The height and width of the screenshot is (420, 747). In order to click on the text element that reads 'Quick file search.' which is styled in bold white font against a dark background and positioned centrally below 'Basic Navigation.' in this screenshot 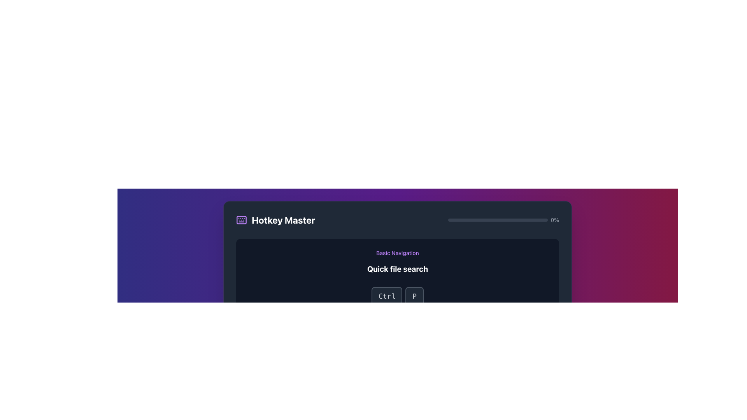, I will do `click(398, 268)`.